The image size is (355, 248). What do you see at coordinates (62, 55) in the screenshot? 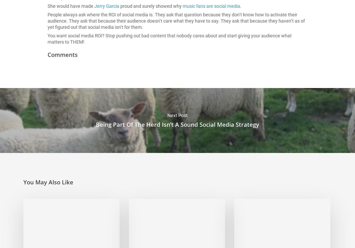
I see `'Comments'` at bounding box center [62, 55].